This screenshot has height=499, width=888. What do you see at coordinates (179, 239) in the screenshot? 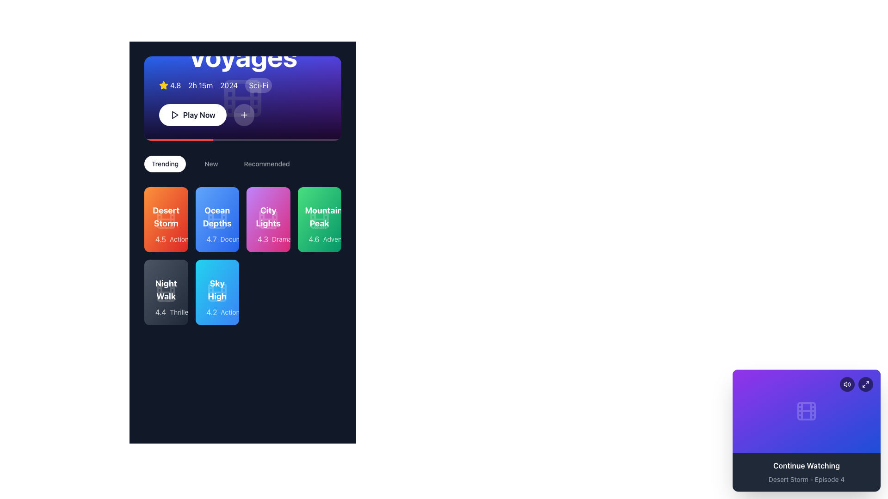
I see `the text label located at the bottom-right of the orange card labeled 'Desert Storm', which provides genre or category information` at bounding box center [179, 239].